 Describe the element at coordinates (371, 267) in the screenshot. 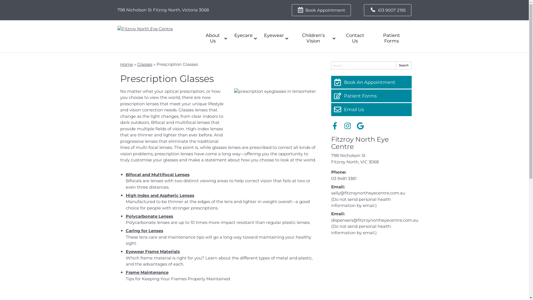

I see `'Google map'` at that location.